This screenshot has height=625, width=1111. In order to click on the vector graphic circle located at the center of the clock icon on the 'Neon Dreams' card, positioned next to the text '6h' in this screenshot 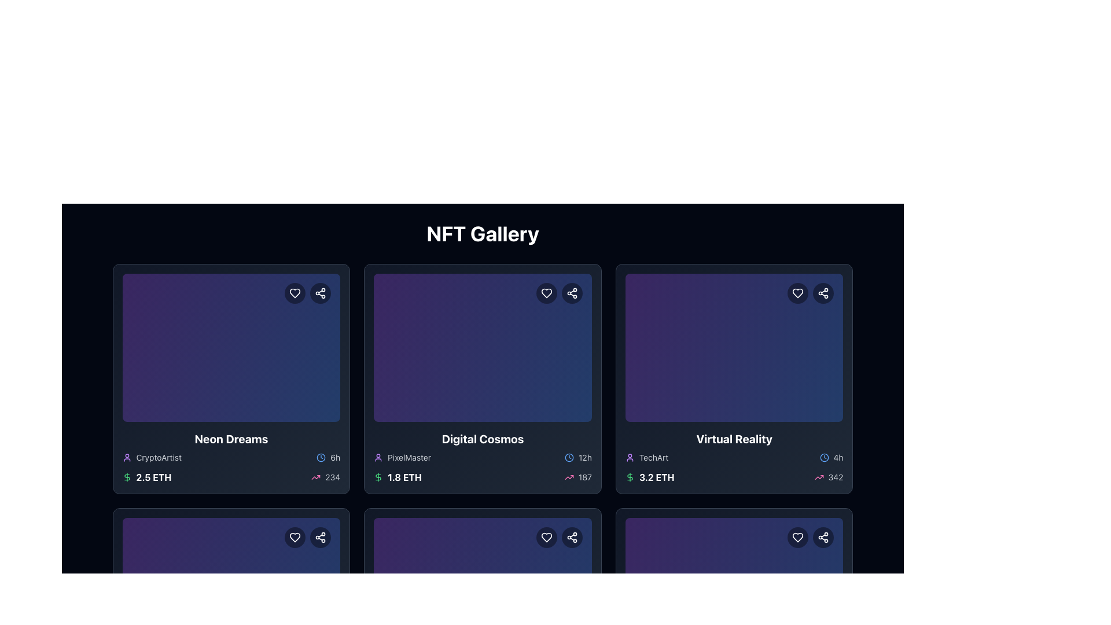, I will do `click(321, 457)`.